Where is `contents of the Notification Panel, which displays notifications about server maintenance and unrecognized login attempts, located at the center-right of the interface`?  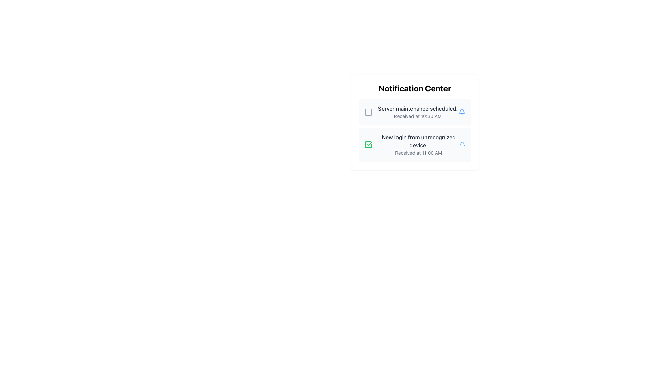 contents of the Notification Panel, which displays notifications about server maintenance and unrecognized login attempts, located at the center-right of the interface is located at coordinates (415, 152).